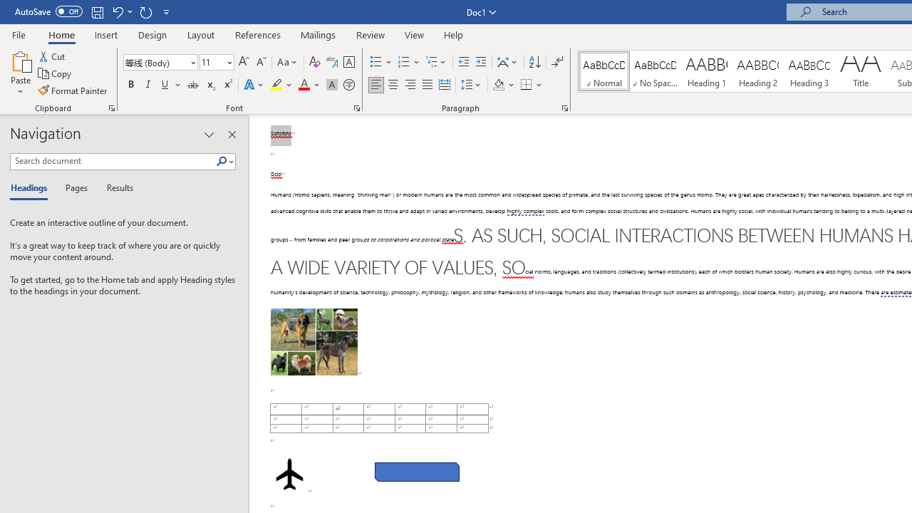 The image size is (912, 513). I want to click on 'Align Right', so click(410, 85).